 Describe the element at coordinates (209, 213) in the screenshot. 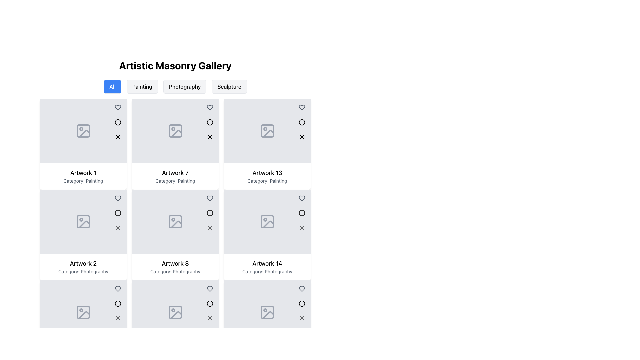

I see `the SVG-based Icon located in the upper right corner of the card for 'Artwork 8 - Category: Photography'` at that location.